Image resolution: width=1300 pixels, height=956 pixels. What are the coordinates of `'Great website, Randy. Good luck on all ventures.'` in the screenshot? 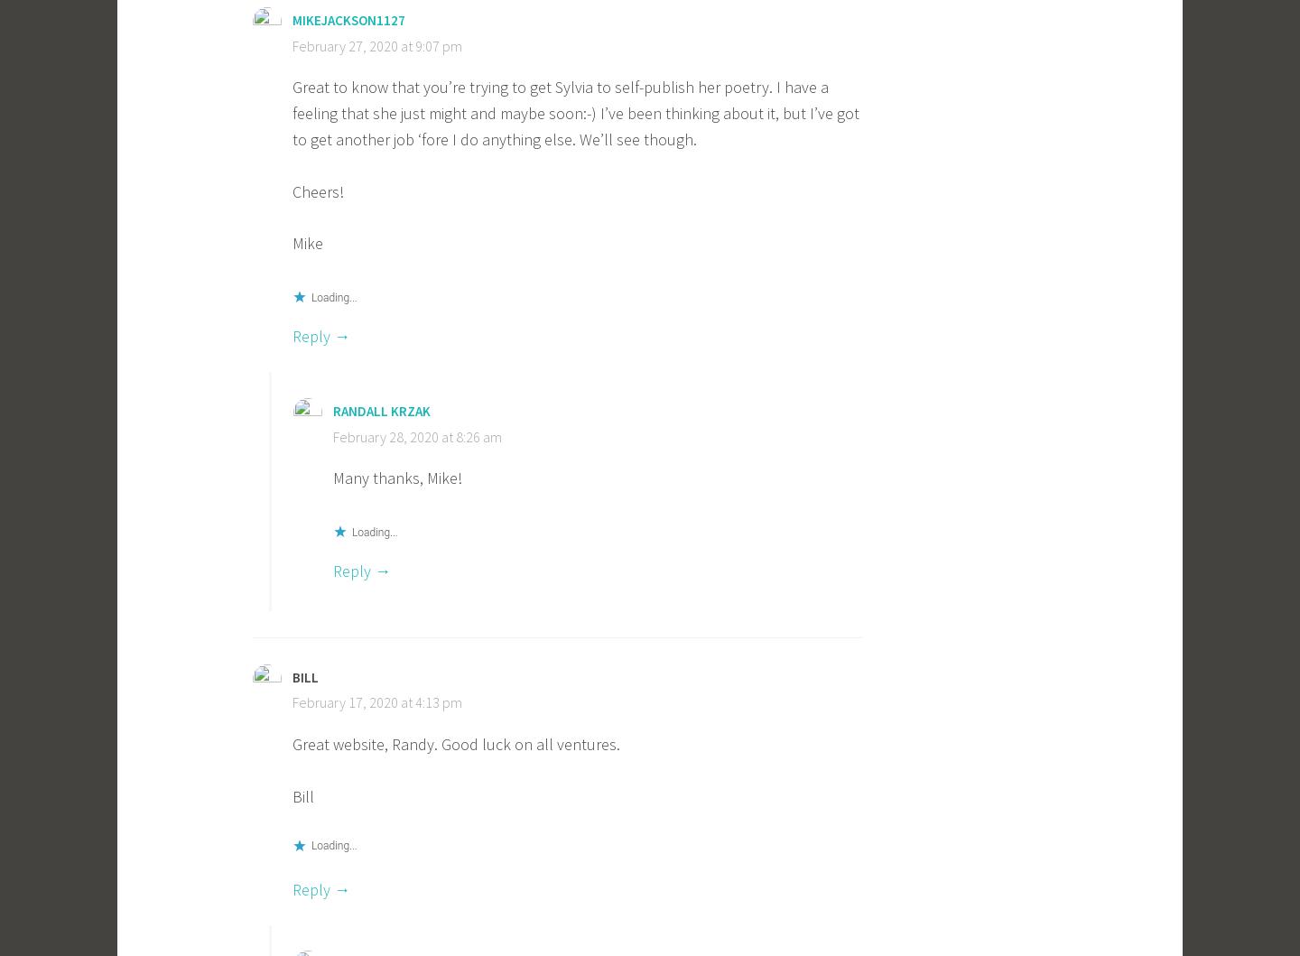 It's located at (455, 743).